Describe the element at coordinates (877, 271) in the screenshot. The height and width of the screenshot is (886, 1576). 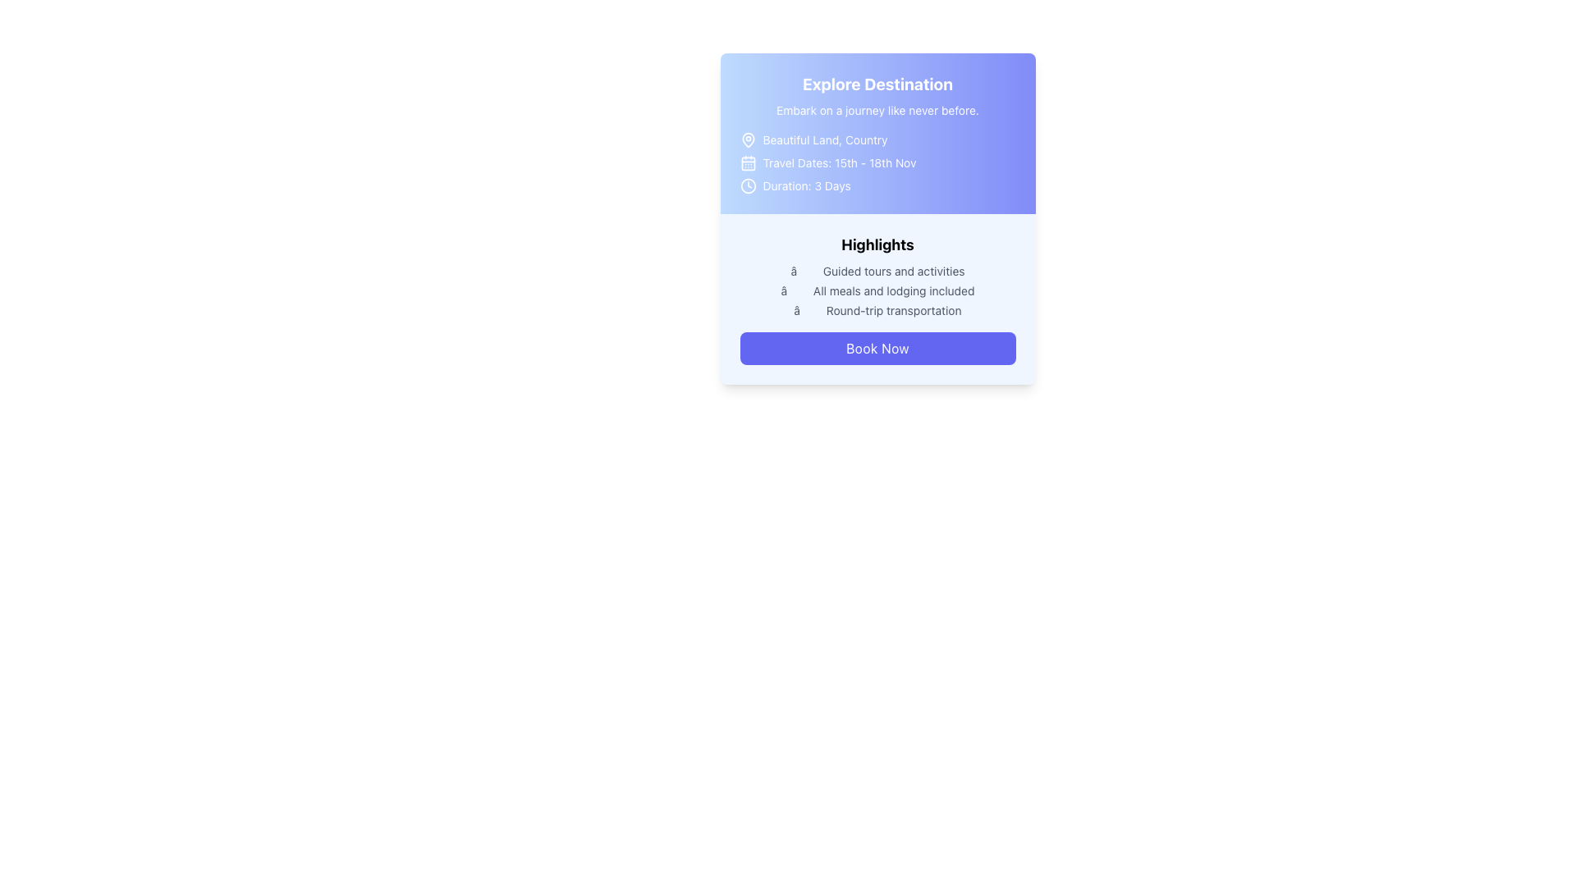
I see `the list item displaying the text '✔ Guided tours and activities' under the 'Highlights' section, as it is interactive` at that location.